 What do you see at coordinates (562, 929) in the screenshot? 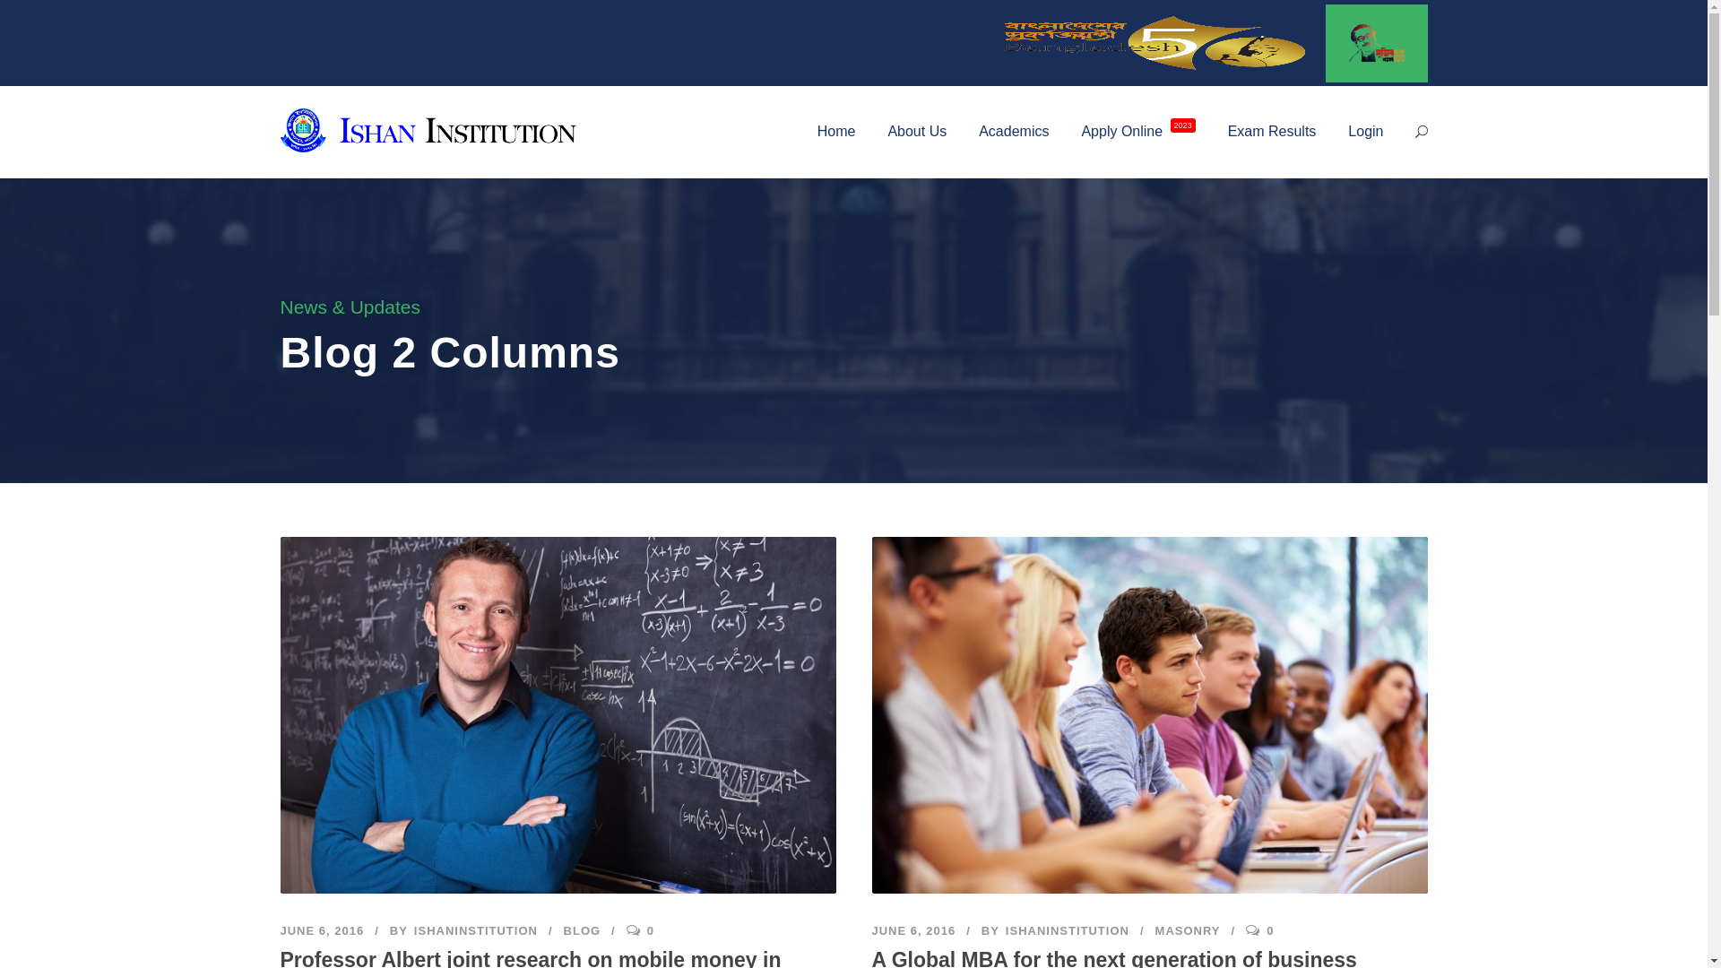
I see `'BLOG'` at bounding box center [562, 929].